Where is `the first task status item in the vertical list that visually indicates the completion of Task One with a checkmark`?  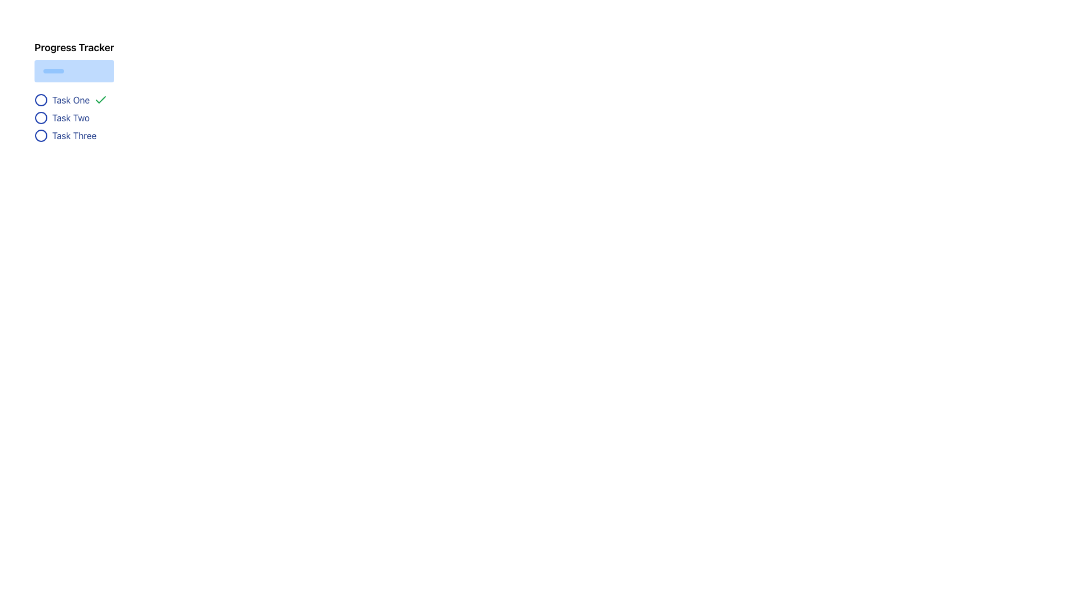
the first task status item in the vertical list that visually indicates the completion of Task One with a checkmark is located at coordinates (73, 100).